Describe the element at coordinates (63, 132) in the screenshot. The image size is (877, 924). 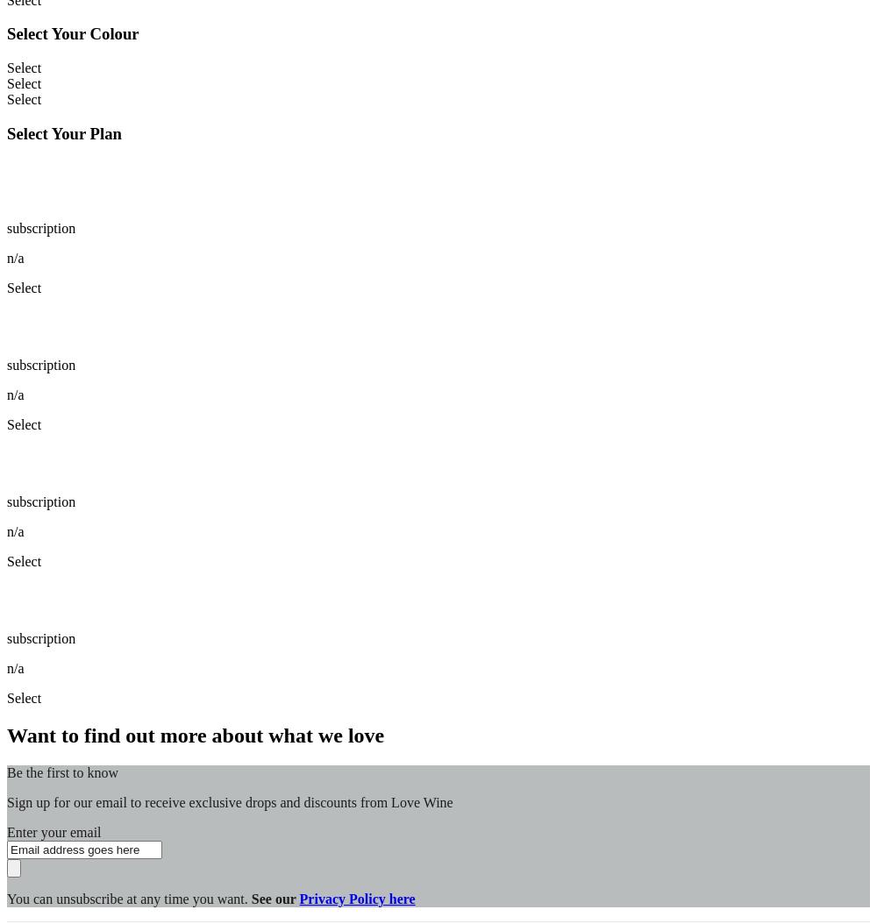
I see `'Select Your Plan'` at that location.